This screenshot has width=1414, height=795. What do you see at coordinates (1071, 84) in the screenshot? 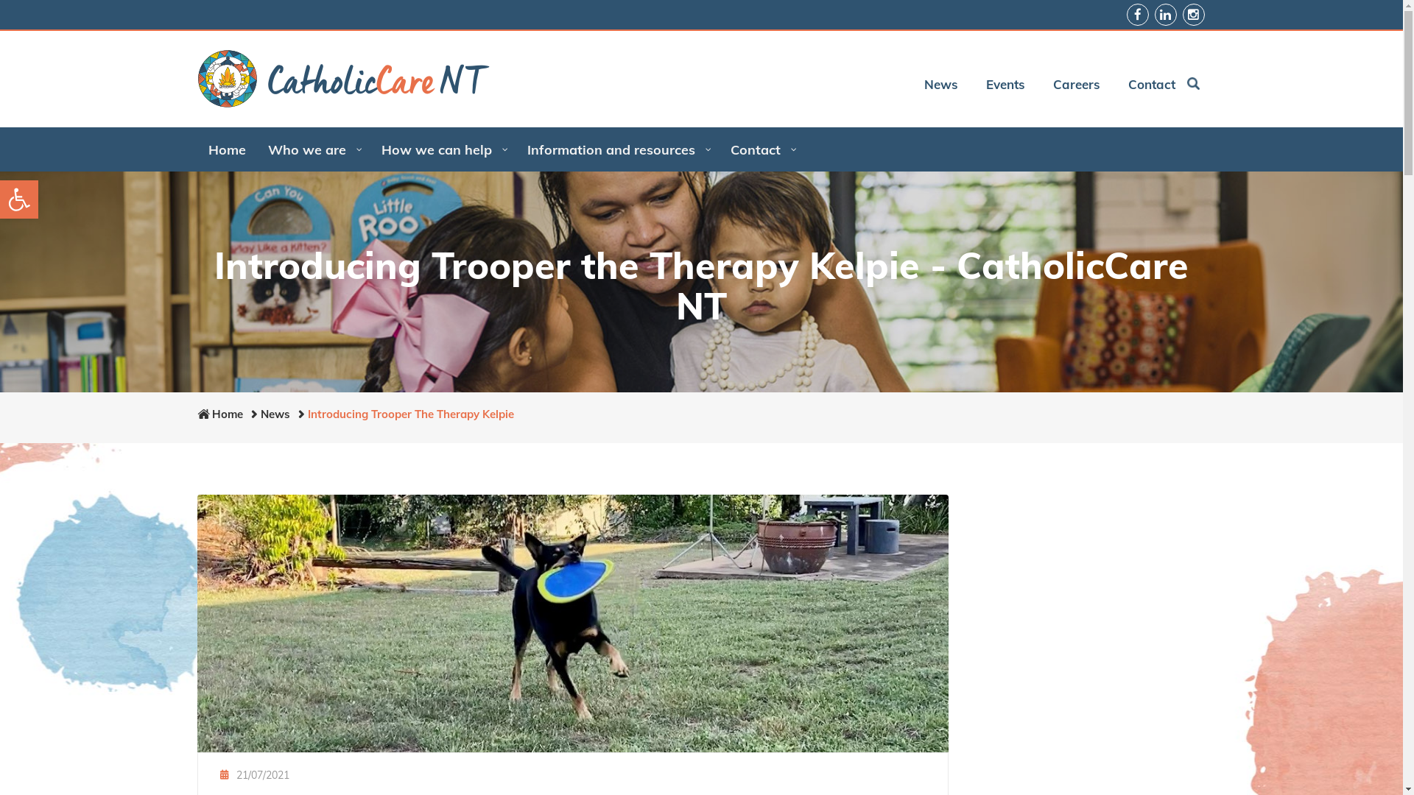
I see `'Careers'` at bounding box center [1071, 84].